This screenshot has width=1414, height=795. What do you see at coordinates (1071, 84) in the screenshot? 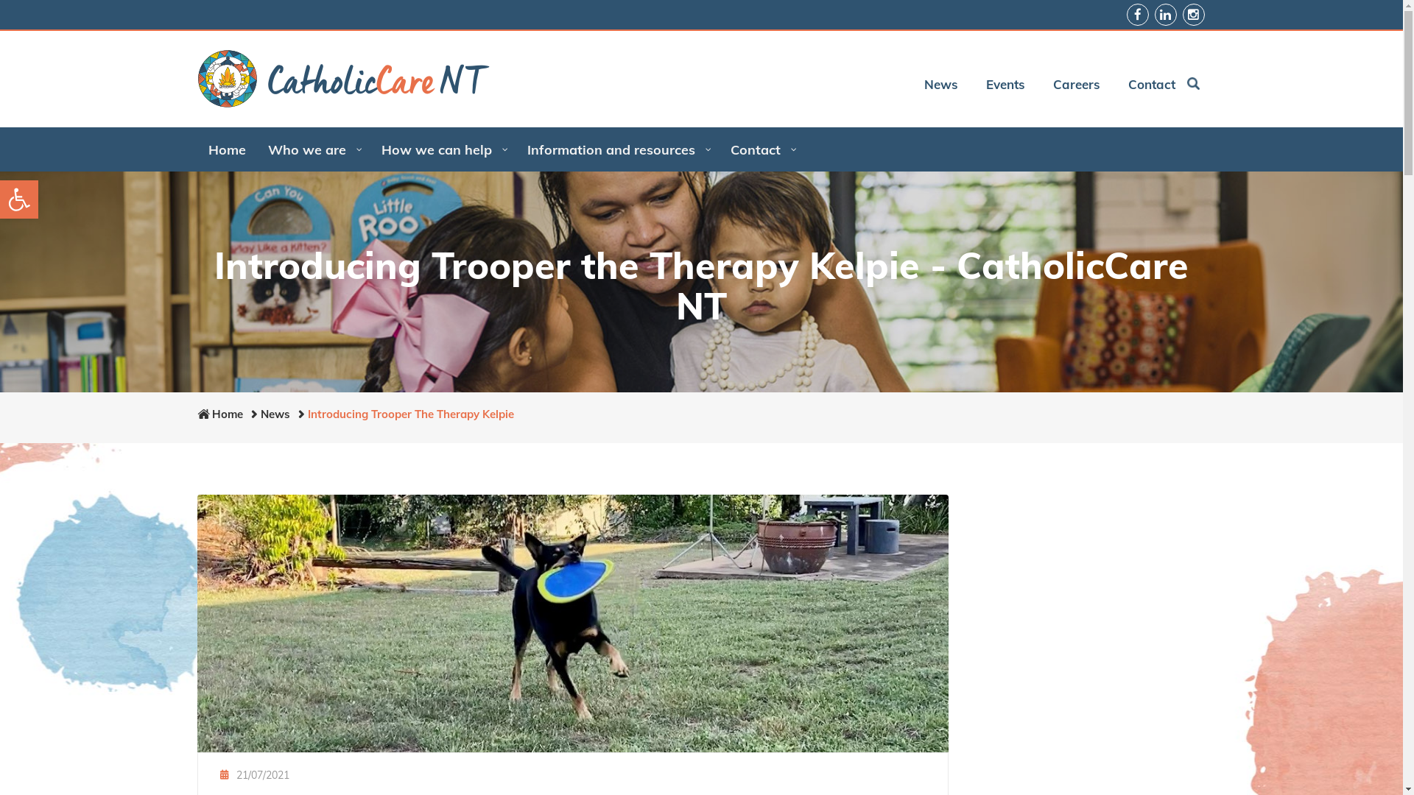
I see `'Careers'` at bounding box center [1071, 84].